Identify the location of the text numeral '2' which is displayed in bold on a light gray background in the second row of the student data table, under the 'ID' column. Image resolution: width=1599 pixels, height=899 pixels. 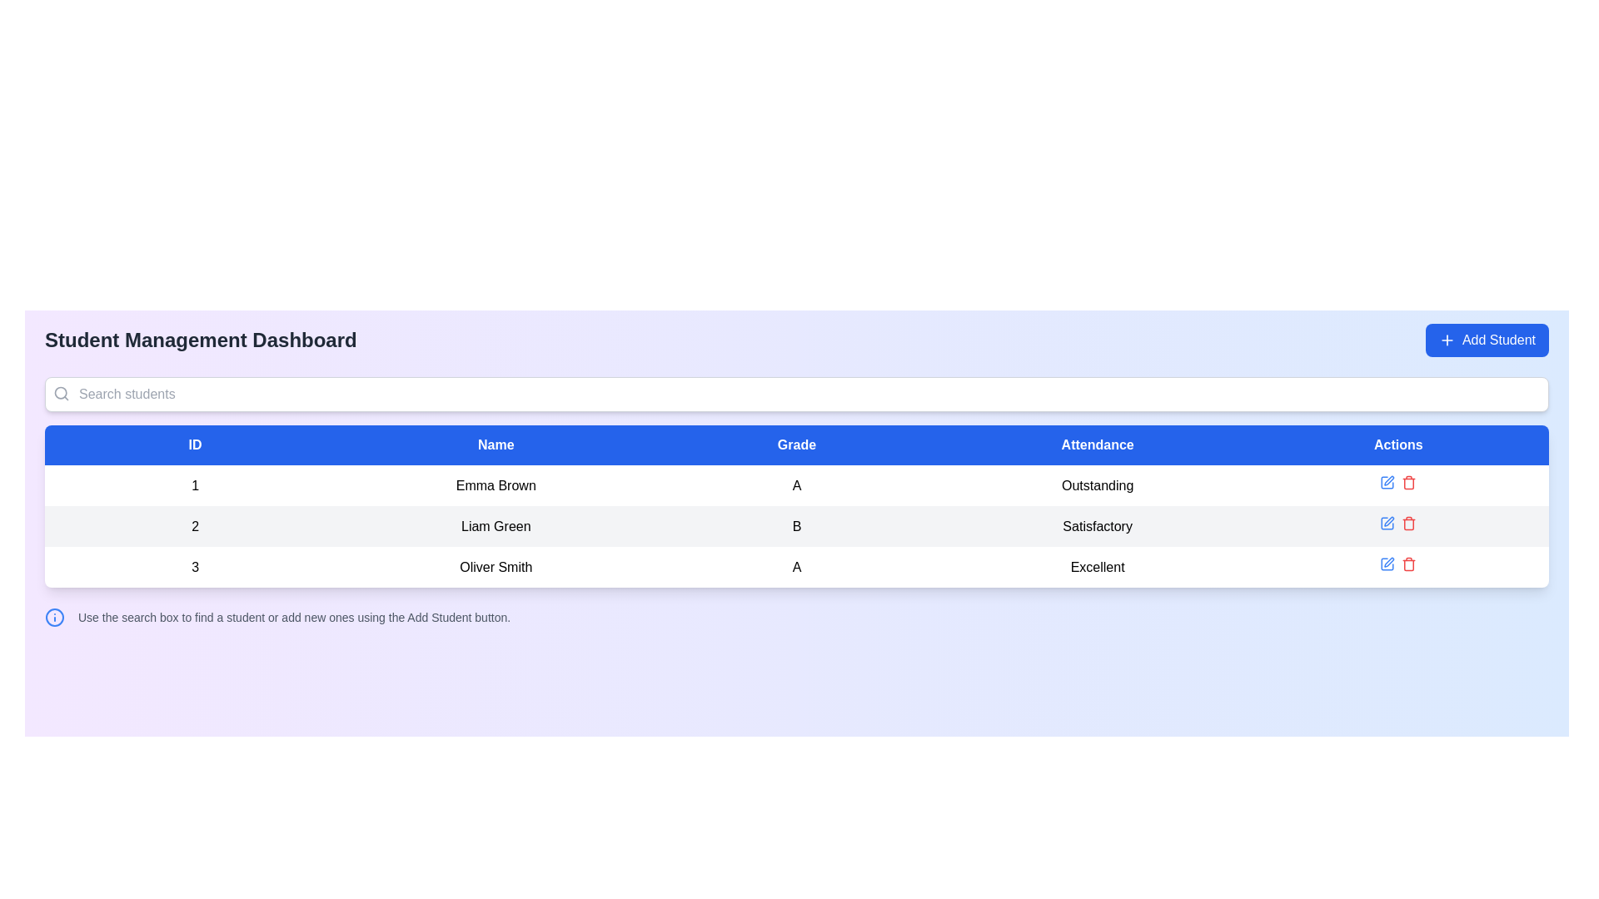
(195, 526).